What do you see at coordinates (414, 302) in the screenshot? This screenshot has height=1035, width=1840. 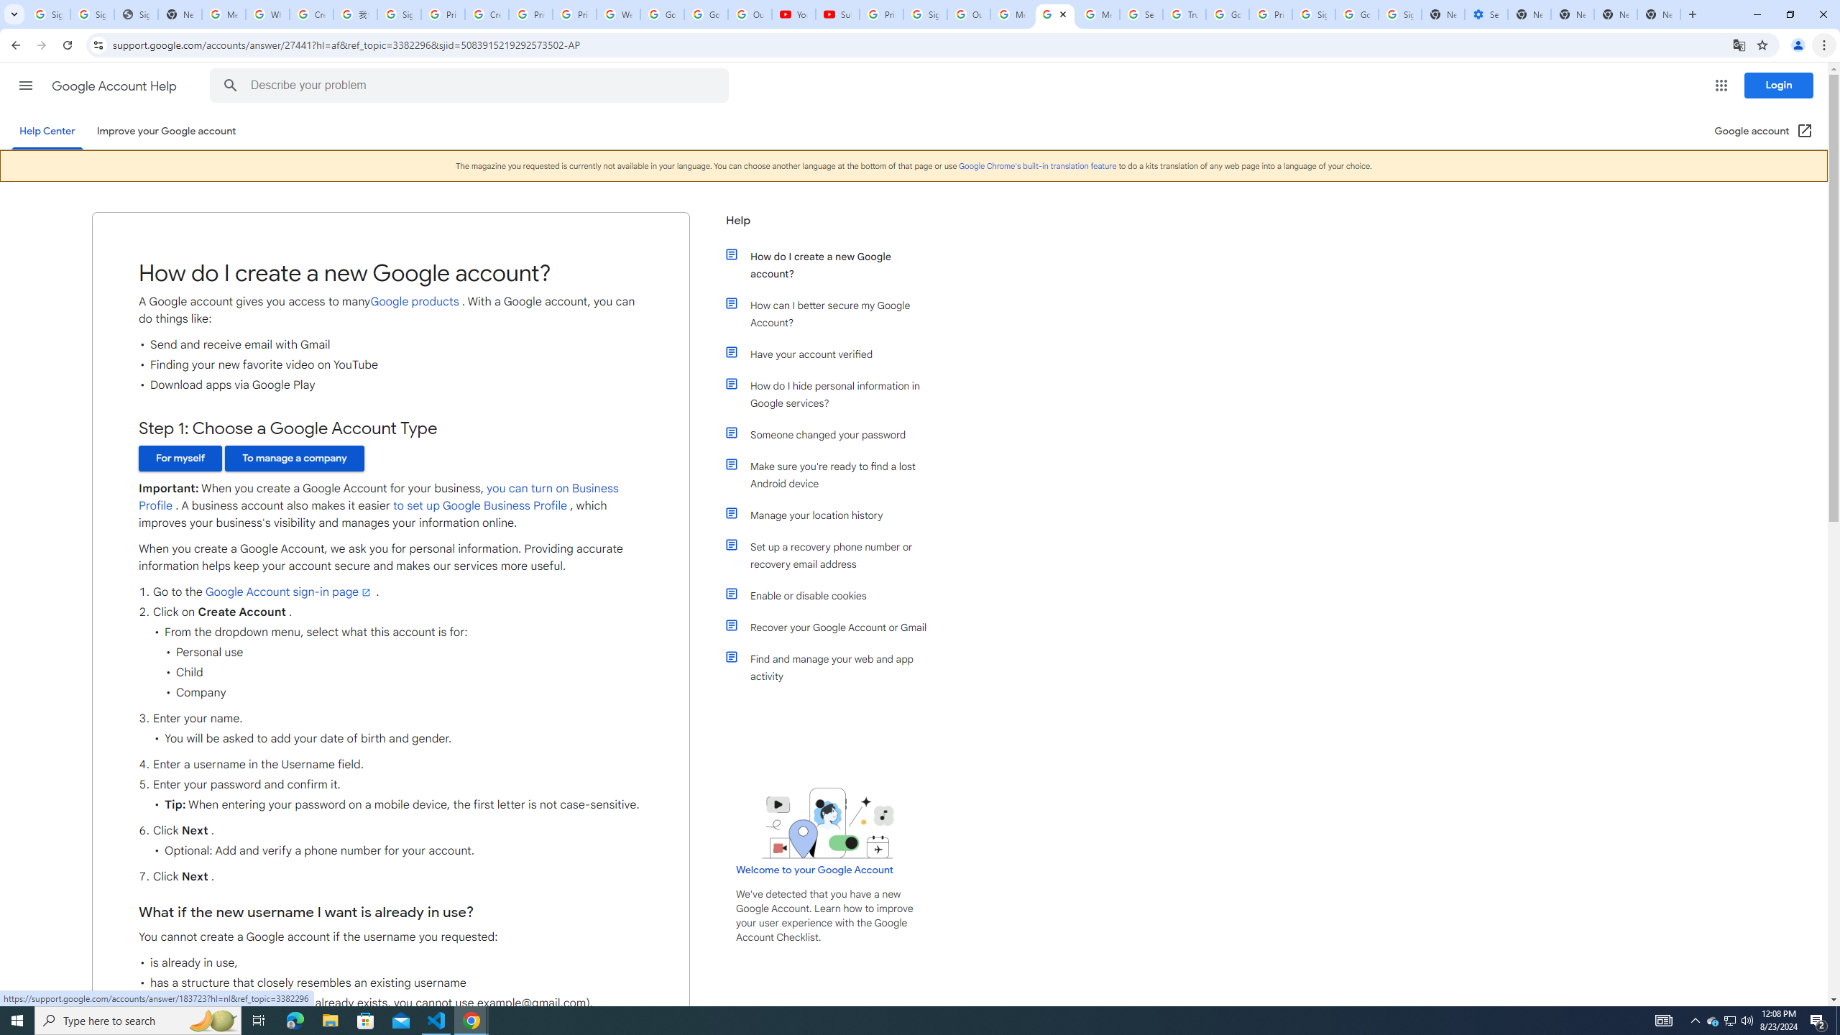 I see `'Google products'` at bounding box center [414, 302].